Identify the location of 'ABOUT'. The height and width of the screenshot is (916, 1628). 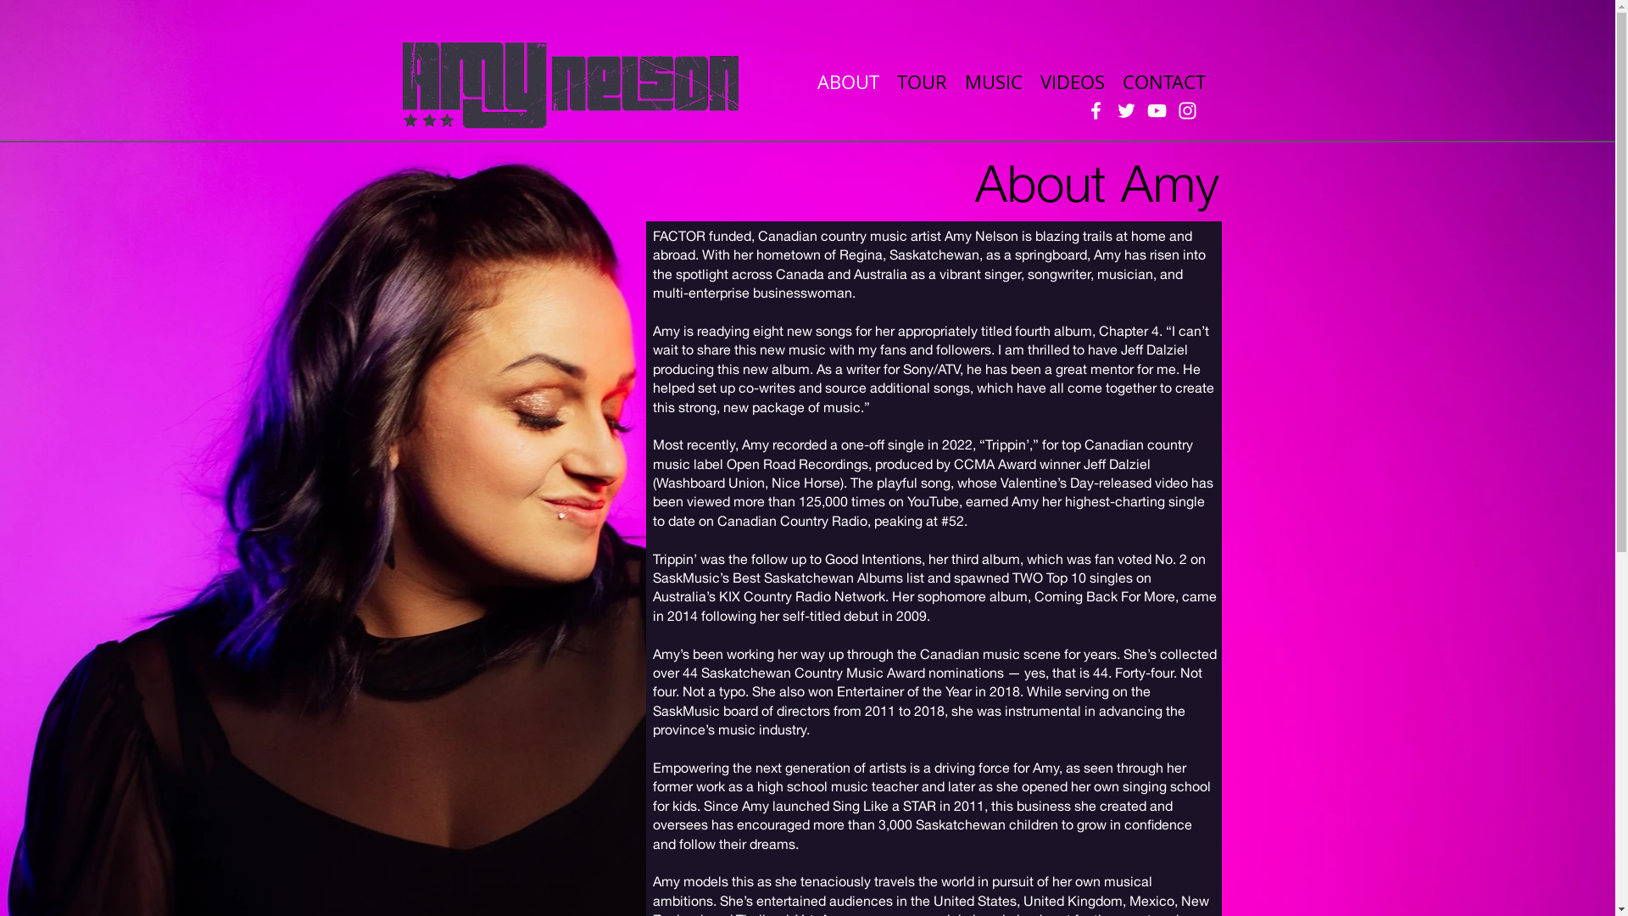
(848, 81).